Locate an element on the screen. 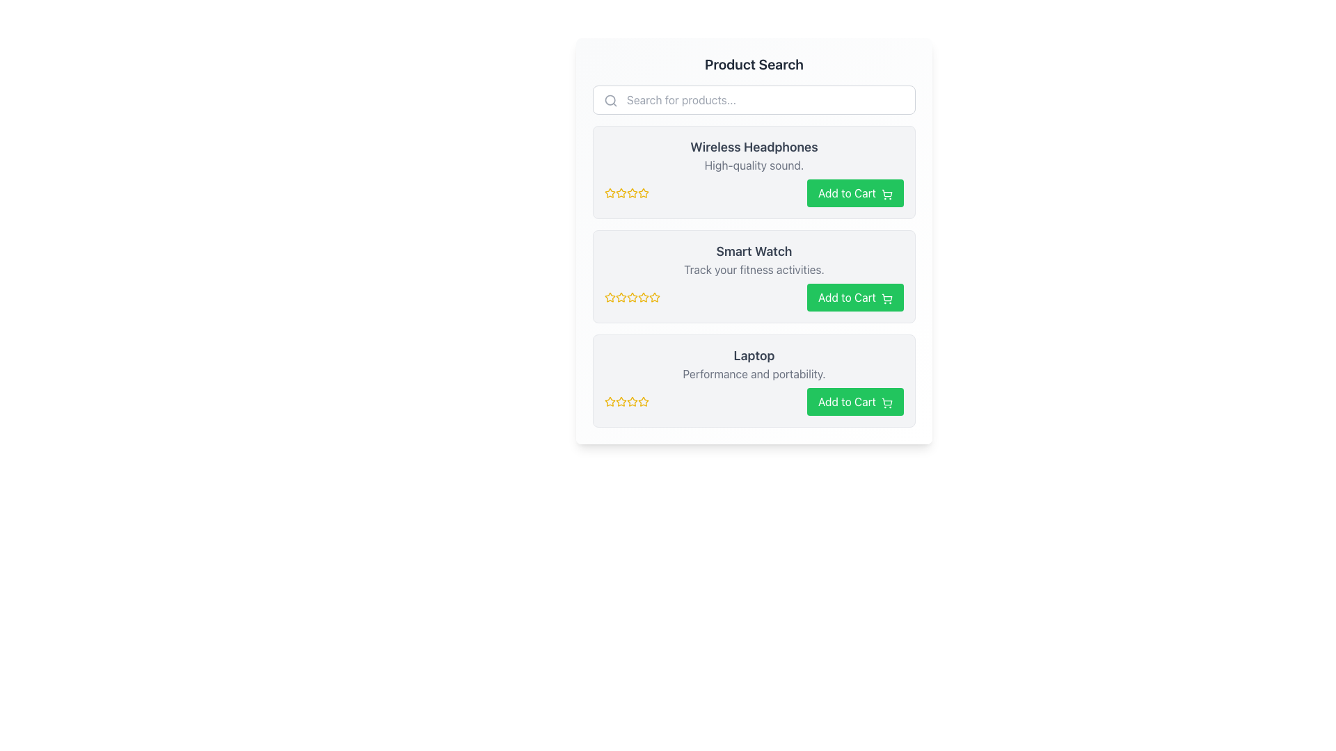  the magnifying glass icon located to the left of the search input field, which represents a search tool is located at coordinates (611, 100).